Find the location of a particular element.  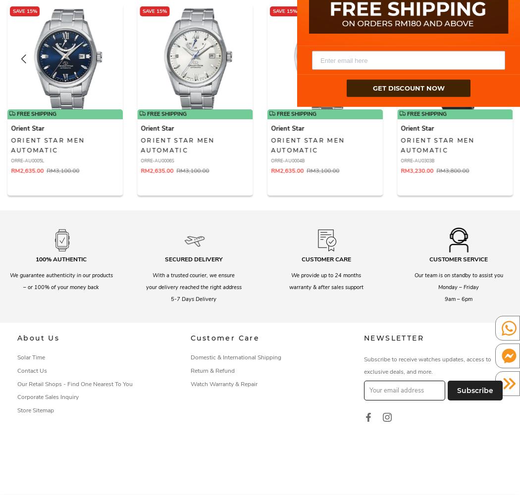

'5-7 Days Delivery' is located at coordinates (170, 298).